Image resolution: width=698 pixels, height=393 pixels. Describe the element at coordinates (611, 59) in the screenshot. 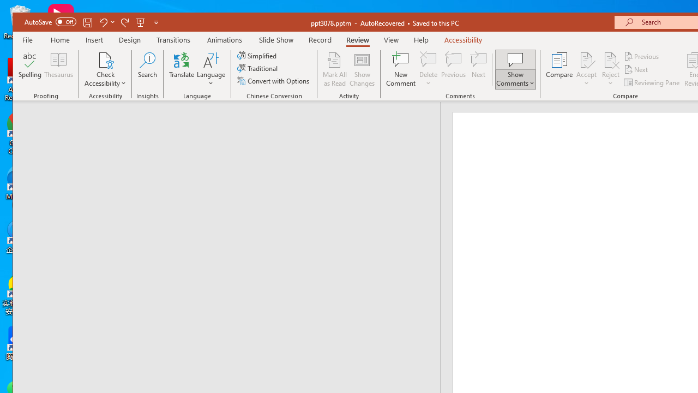

I see `'Reject Change'` at that location.